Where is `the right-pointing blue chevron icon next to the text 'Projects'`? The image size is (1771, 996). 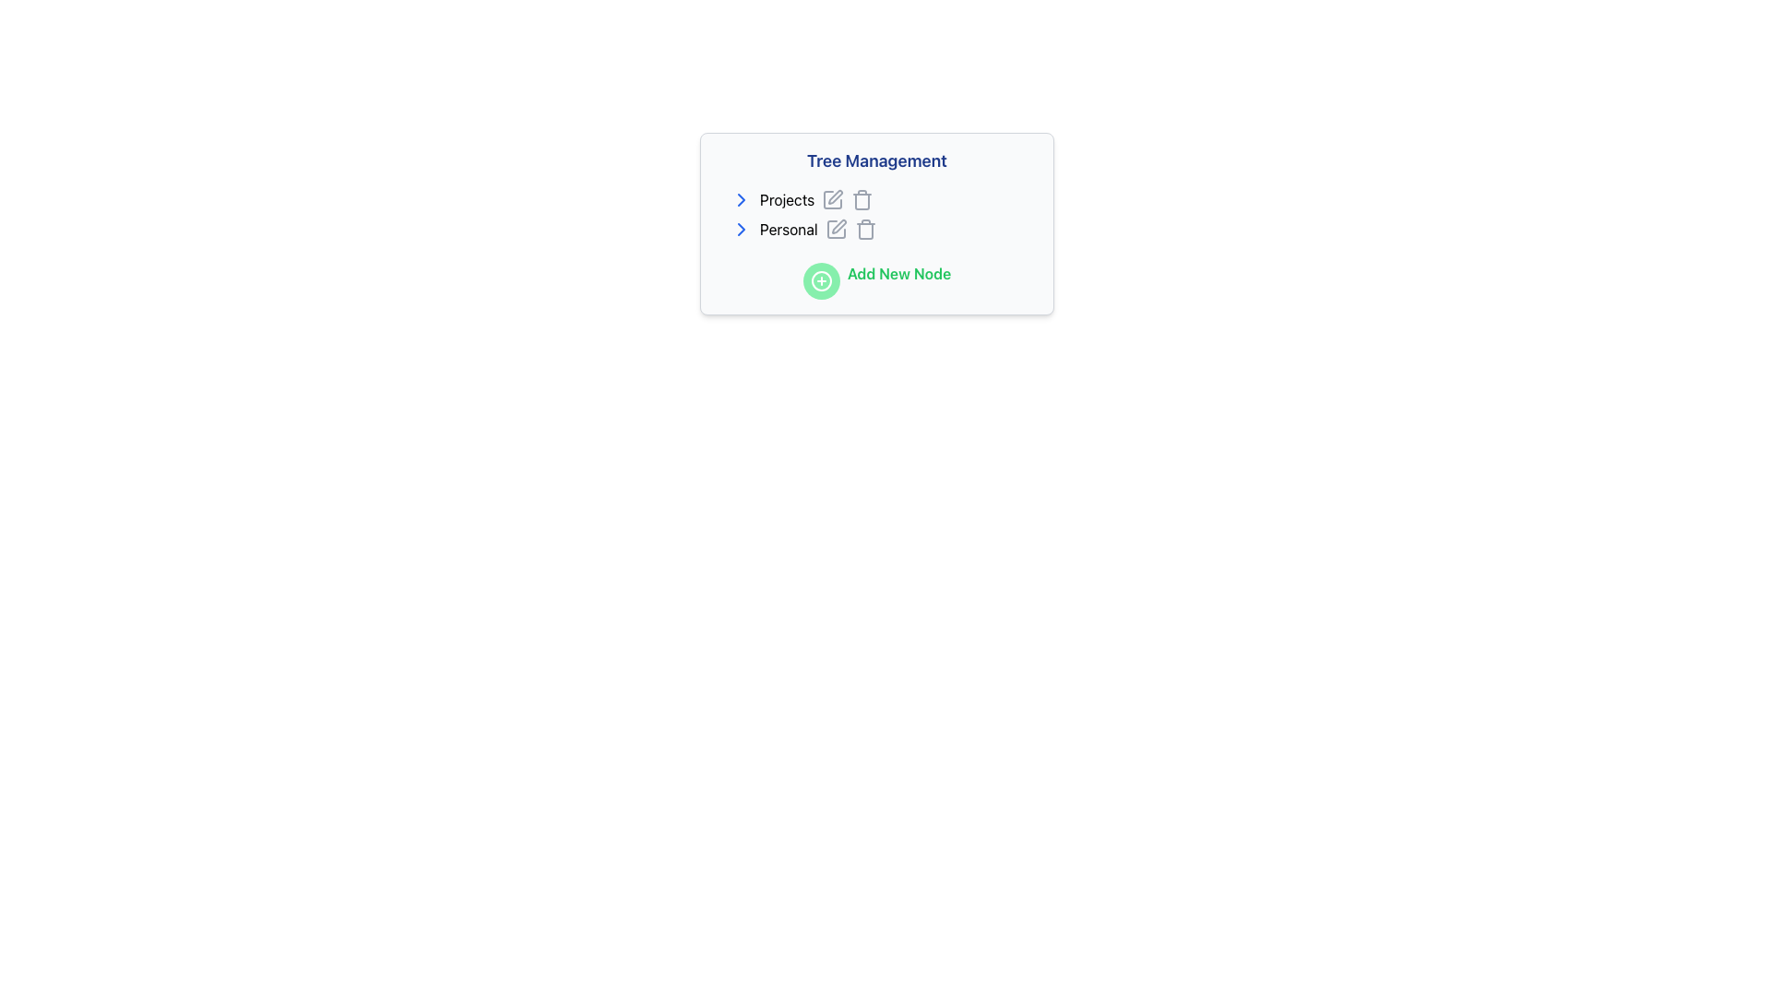 the right-pointing blue chevron icon next to the text 'Projects' is located at coordinates (742, 199).